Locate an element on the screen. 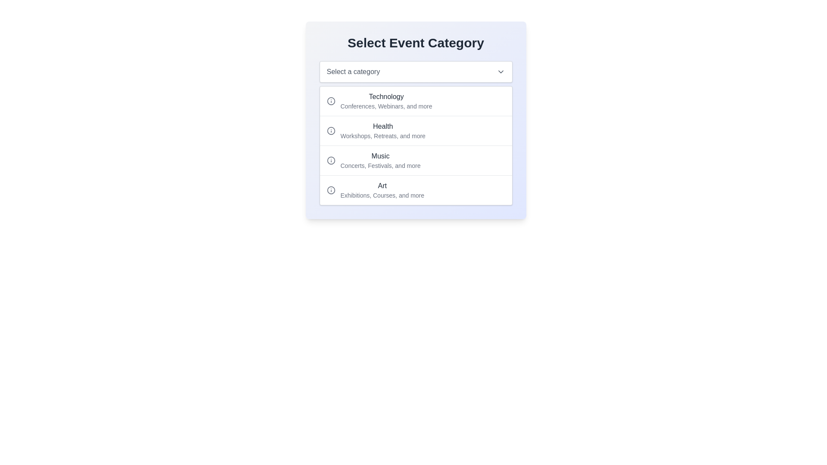 Image resolution: width=827 pixels, height=465 pixels. the downward-pointing chevron icon located to the far-right within the header bar of the 'Select a category' section is located at coordinates (501, 71).